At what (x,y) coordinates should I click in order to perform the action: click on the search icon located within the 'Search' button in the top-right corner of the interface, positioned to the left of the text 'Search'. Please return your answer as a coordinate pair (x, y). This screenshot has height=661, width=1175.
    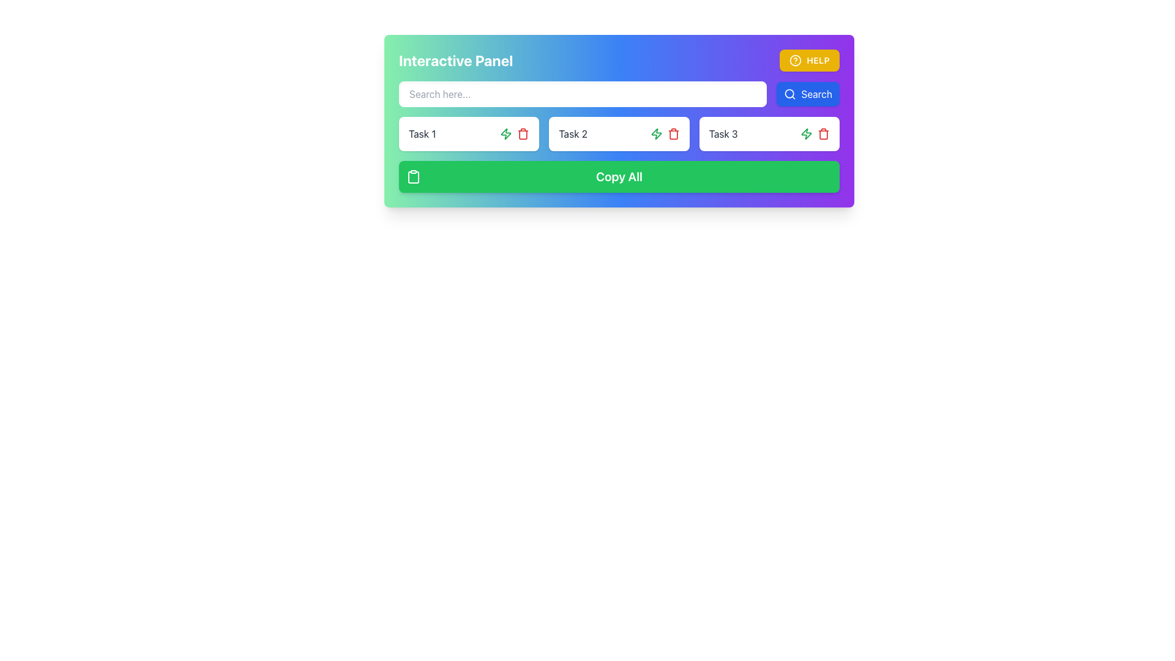
    Looking at the image, I should click on (790, 94).